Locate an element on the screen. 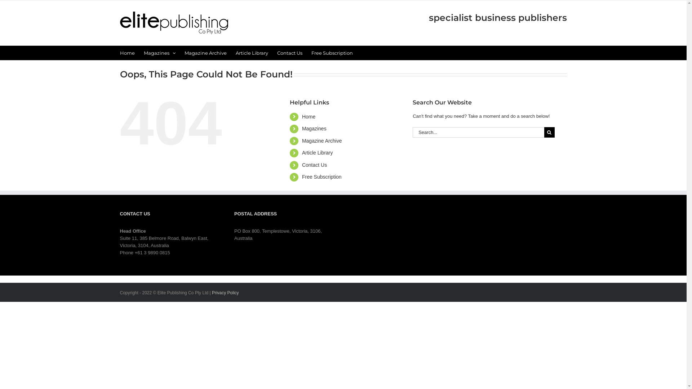 This screenshot has height=389, width=692. 'Free Subscription' is located at coordinates (321, 176).